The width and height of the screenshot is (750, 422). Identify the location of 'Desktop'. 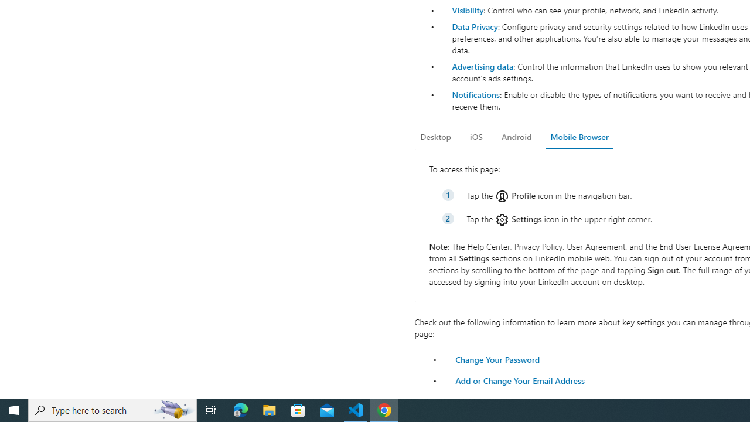
(435, 137).